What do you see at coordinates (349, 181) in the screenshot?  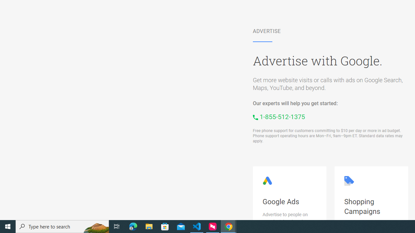 I see `'Google Shopping logo'` at bounding box center [349, 181].